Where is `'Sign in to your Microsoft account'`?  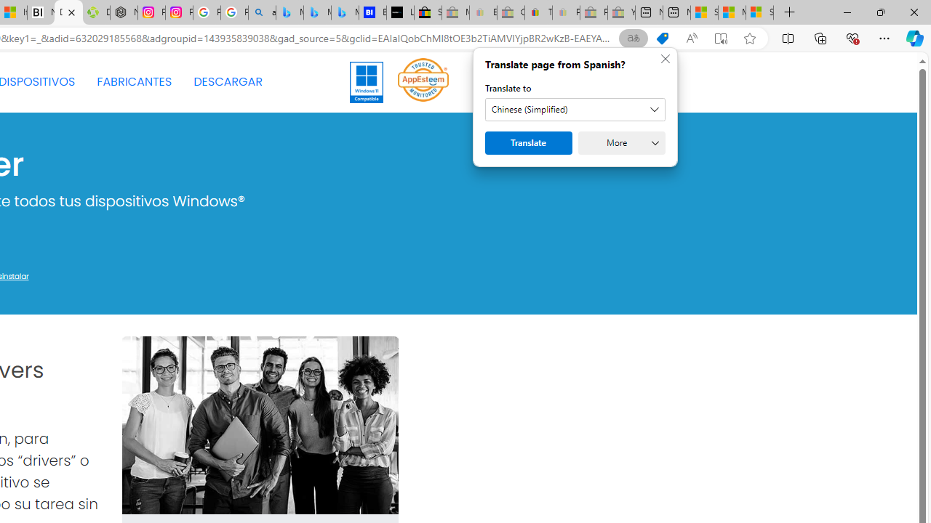
'Sign in to your Microsoft account' is located at coordinates (759, 12).